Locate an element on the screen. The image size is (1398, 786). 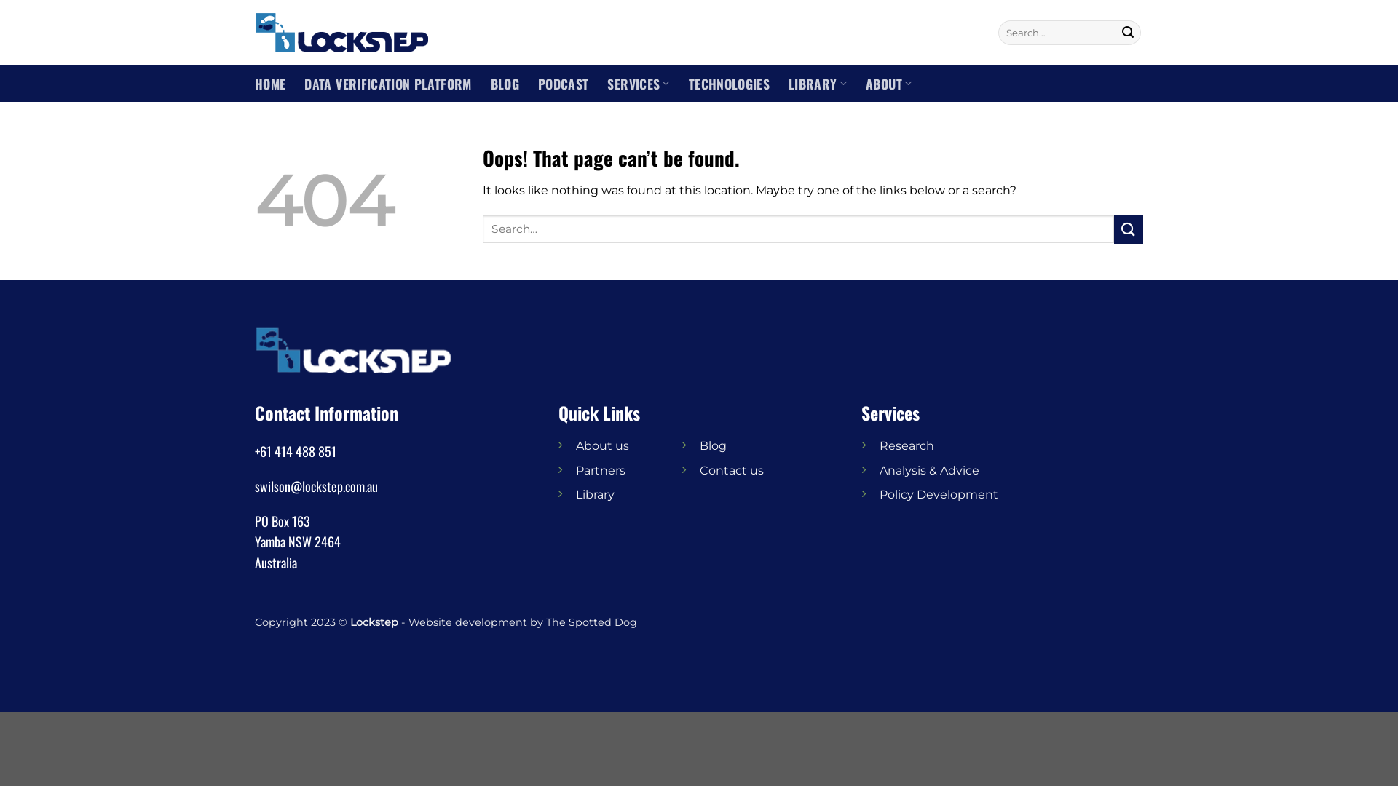
'Partners' is located at coordinates (601, 470).